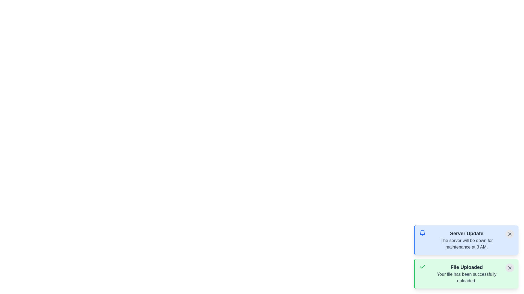  What do you see at coordinates (422, 233) in the screenshot?
I see `the bell icon indicating notifications at the top-left corner of the 'Server Update' notification card` at bounding box center [422, 233].